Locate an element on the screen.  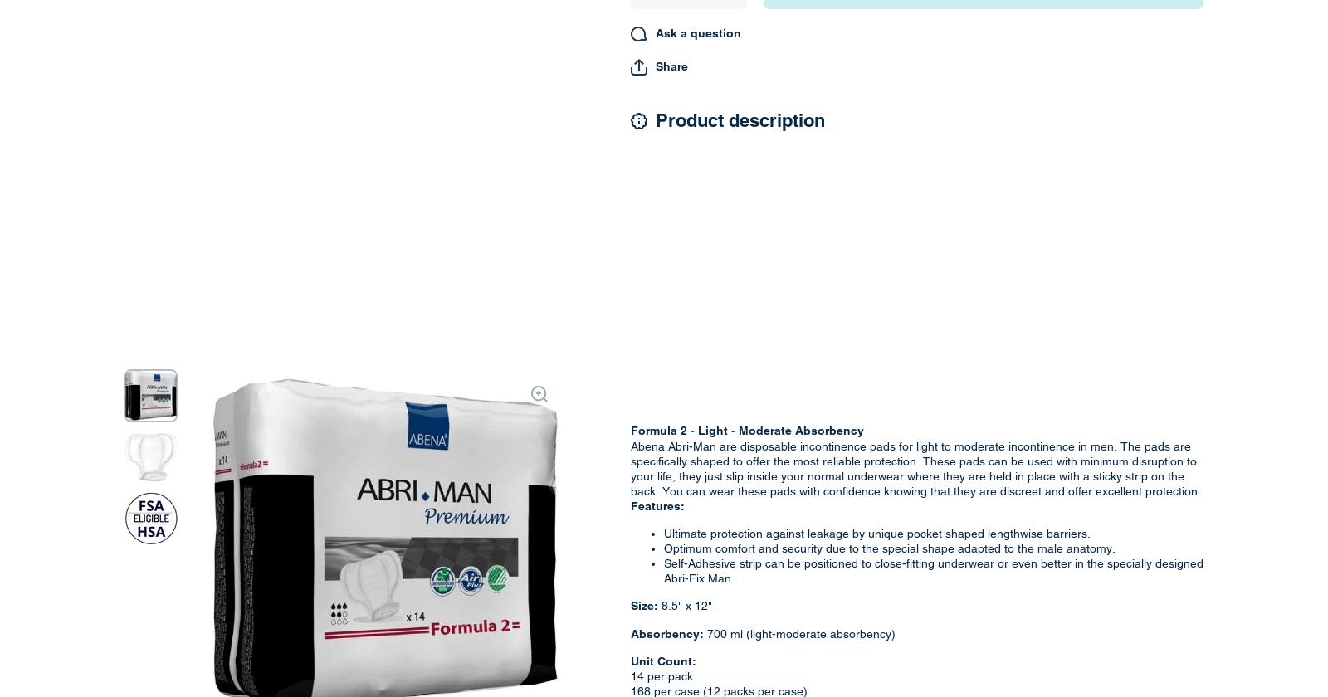
'$11.99' is located at coordinates (549, 84).